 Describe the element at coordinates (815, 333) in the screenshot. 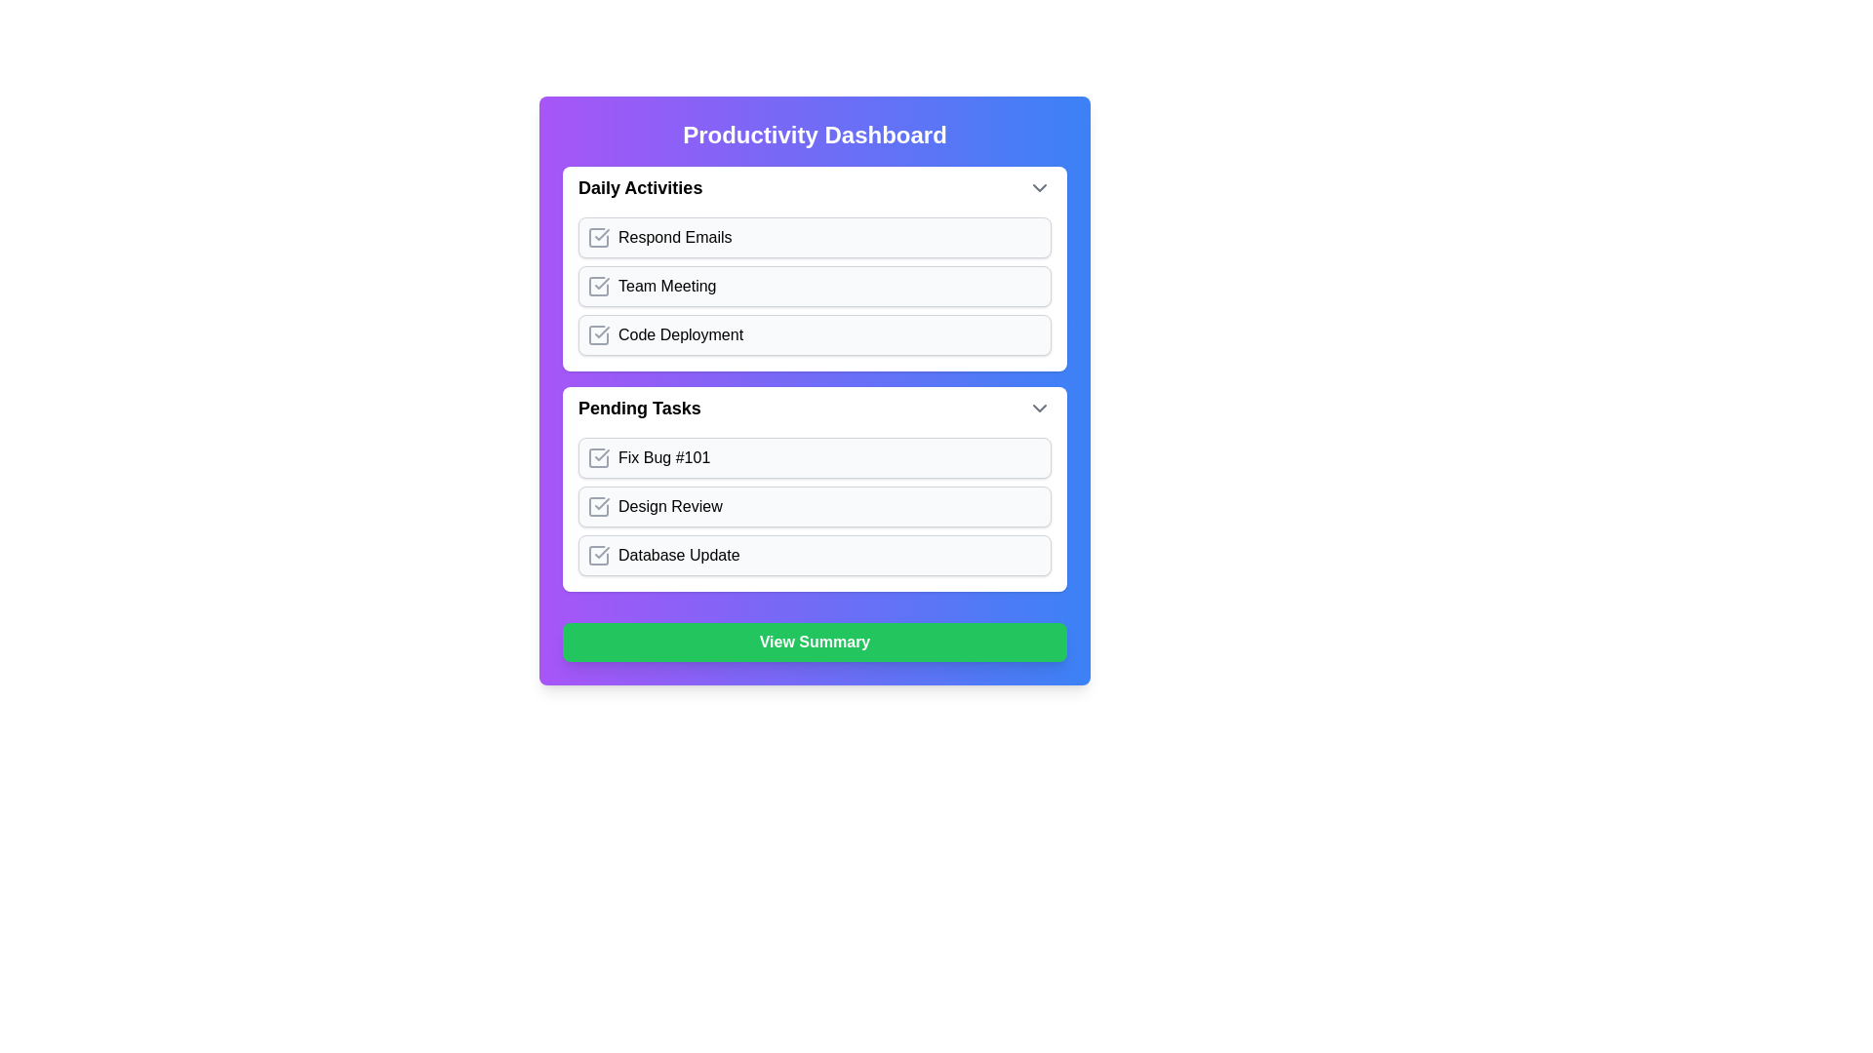

I see `the checkbox for the 'Code Deployment' task` at that location.